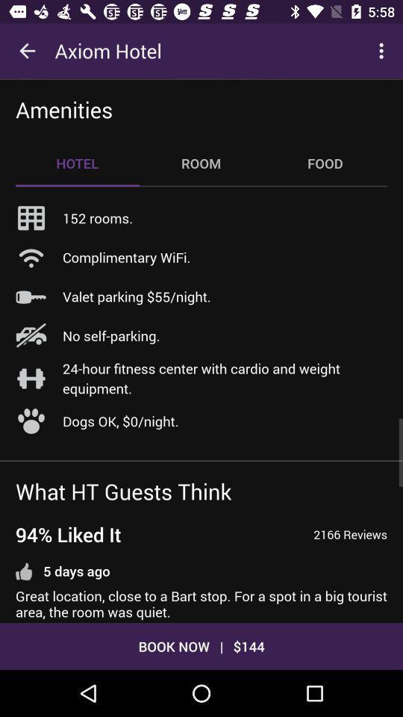 This screenshot has height=717, width=403. I want to click on book now   |   $144, so click(201, 645).